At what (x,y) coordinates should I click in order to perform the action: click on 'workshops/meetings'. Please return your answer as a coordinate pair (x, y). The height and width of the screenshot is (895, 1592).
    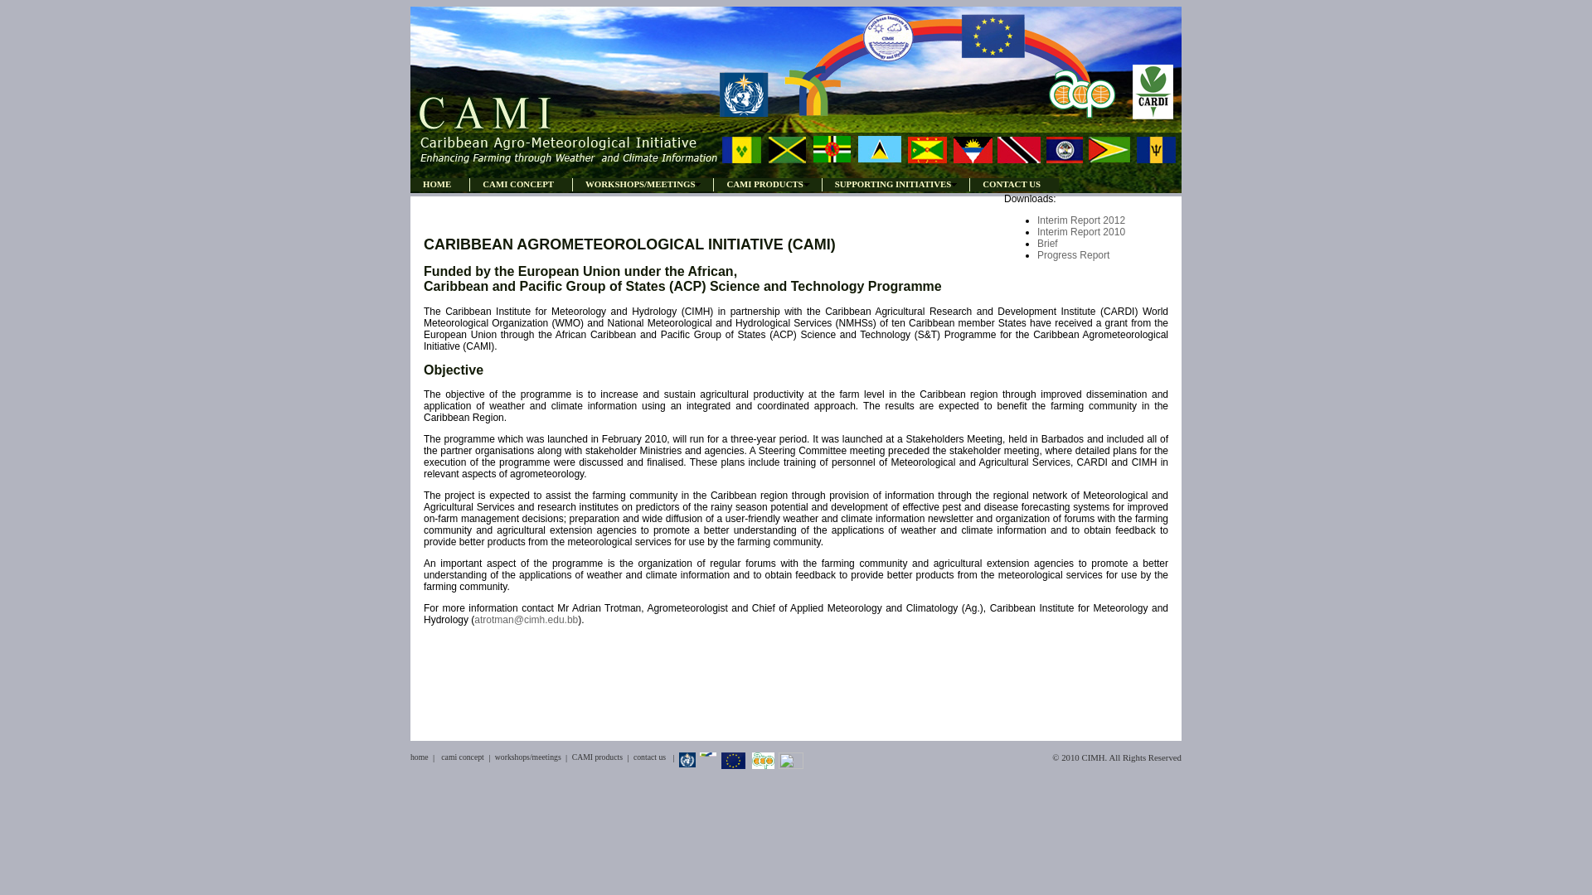
    Looking at the image, I should click on (527, 757).